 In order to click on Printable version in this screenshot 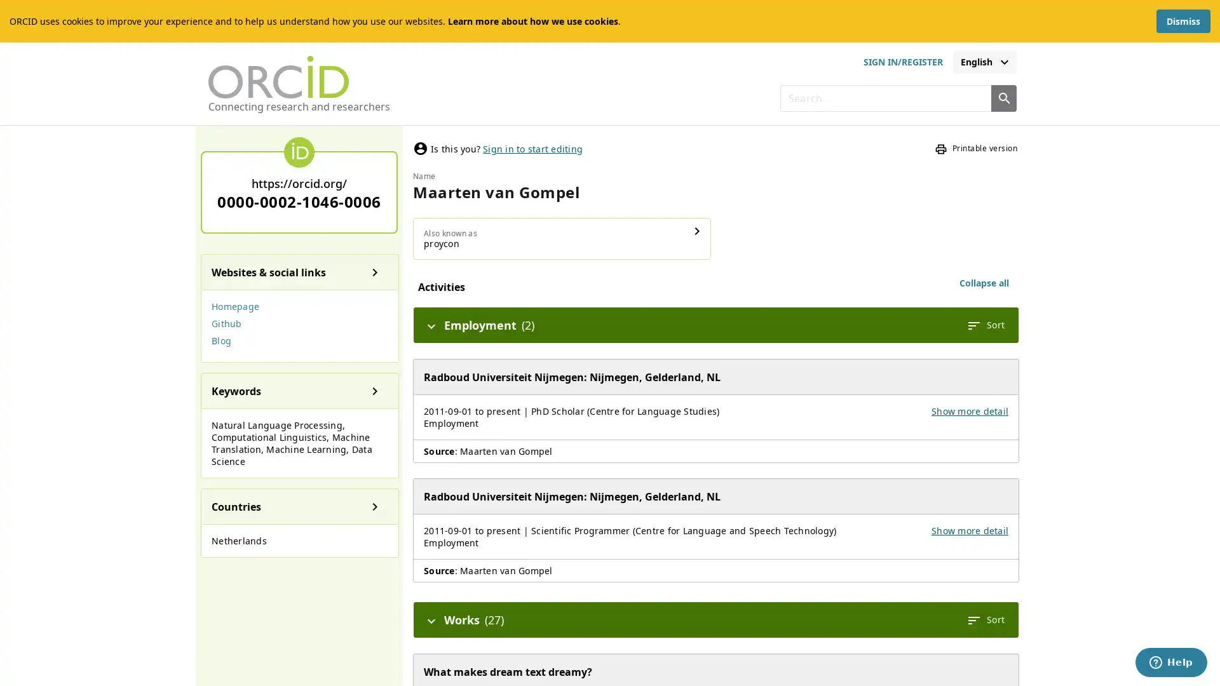, I will do `click(975, 148)`.